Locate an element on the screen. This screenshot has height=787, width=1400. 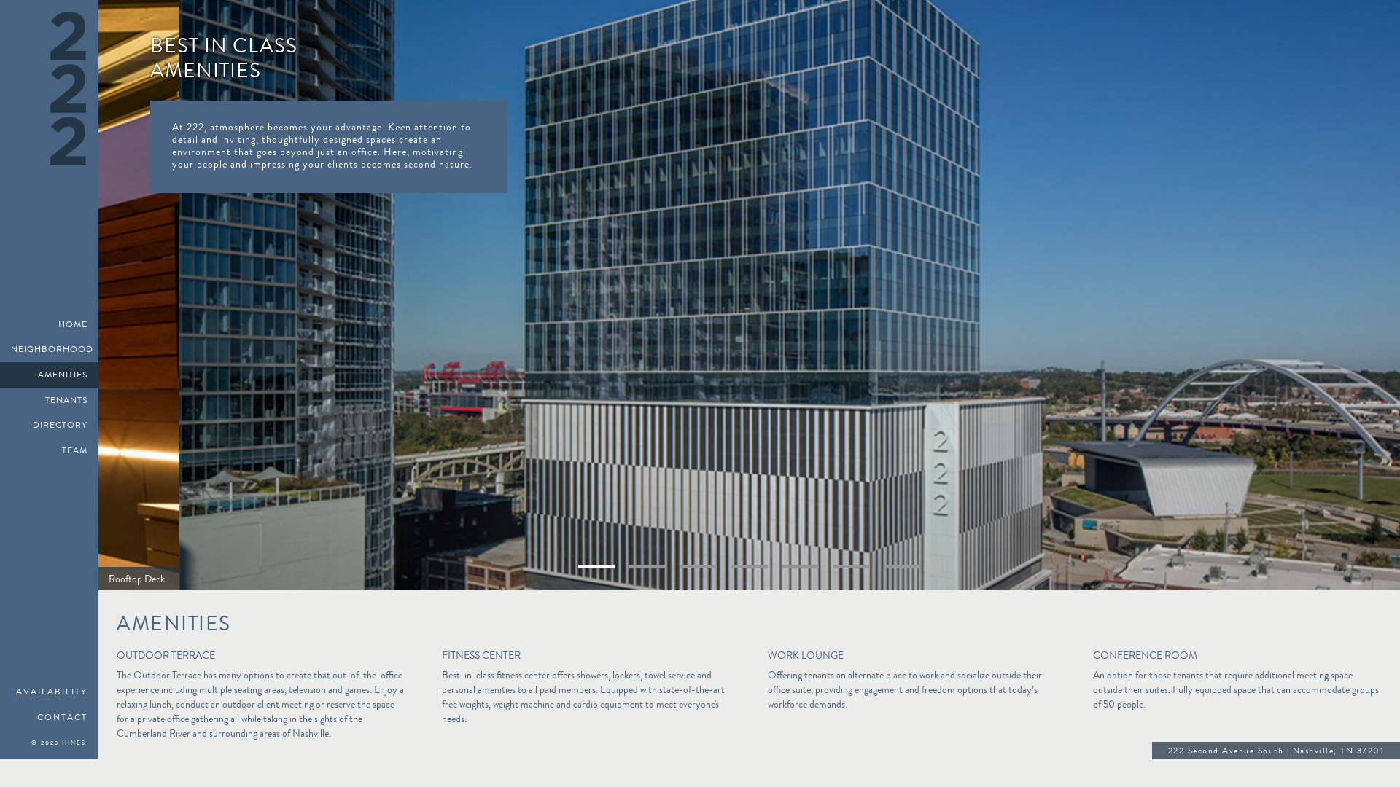
'TENANTS' is located at coordinates (0, 400).